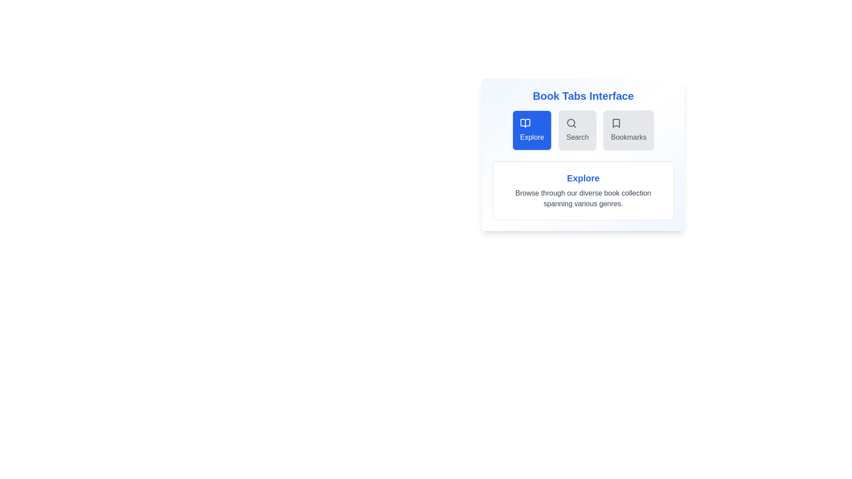  Describe the element at coordinates (628, 130) in the screenshot. I see `the Bookmarks tab to trigger its hover effect` at that location.